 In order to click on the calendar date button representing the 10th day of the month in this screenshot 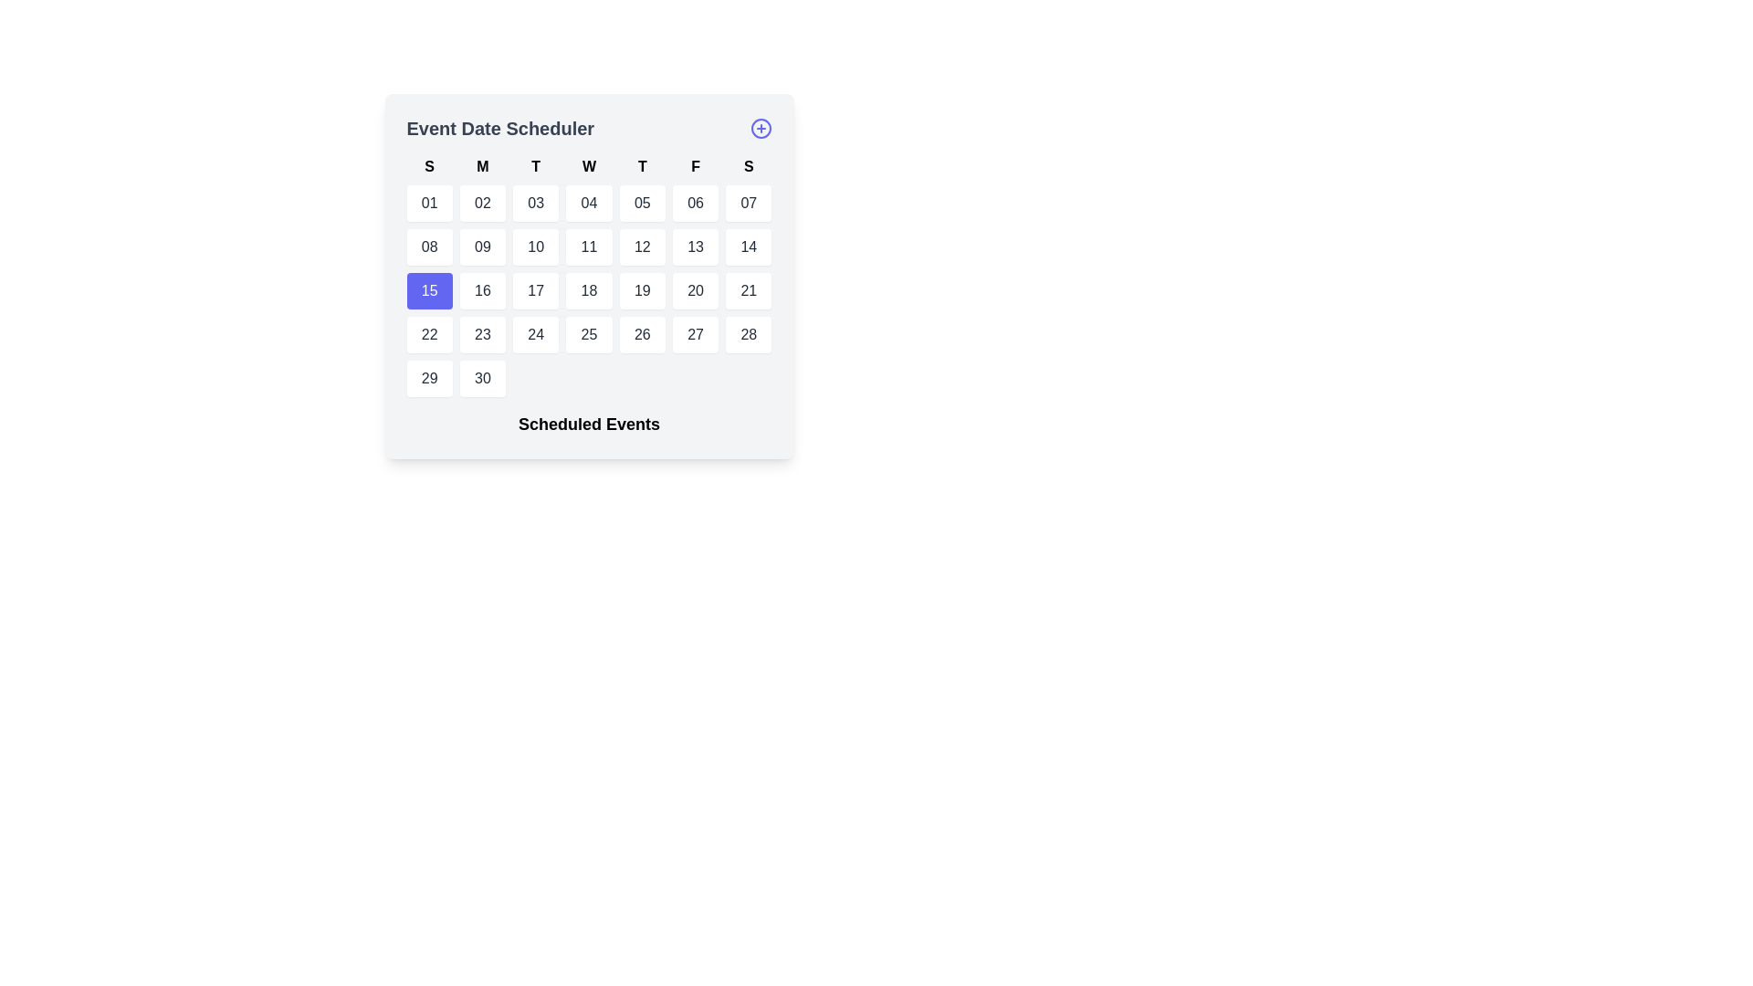, I will do `click(535, 246)`.